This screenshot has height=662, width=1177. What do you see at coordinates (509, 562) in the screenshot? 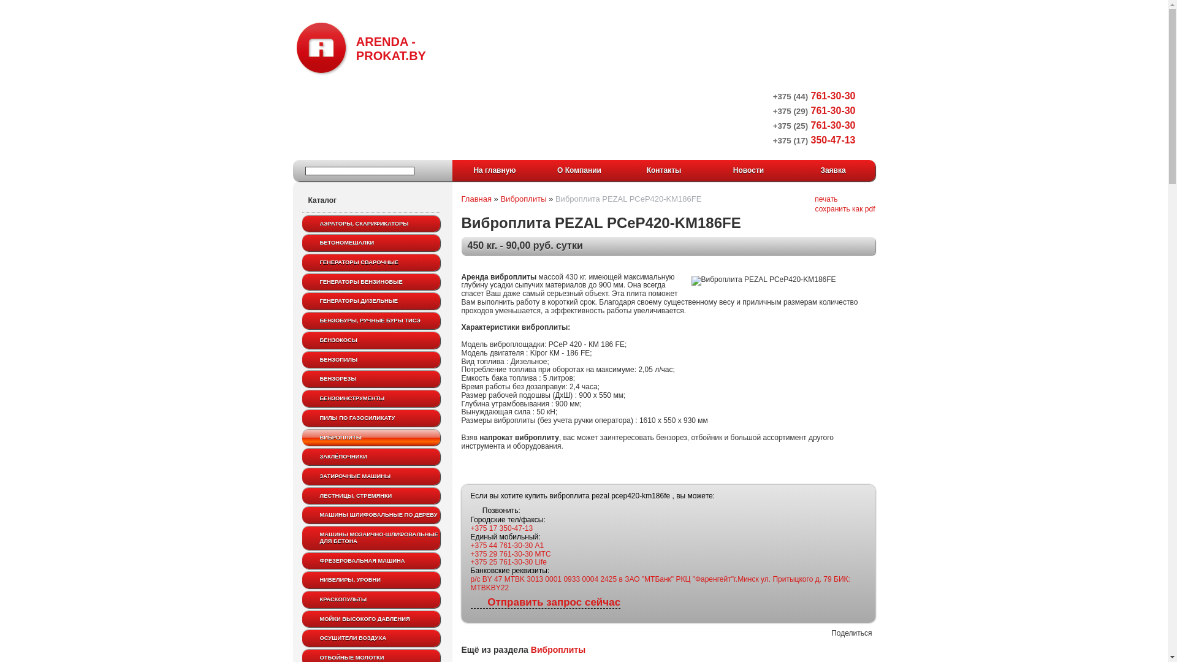
I see `'+375 25 761-30-30 Life'` at bounding box center [509, 562].